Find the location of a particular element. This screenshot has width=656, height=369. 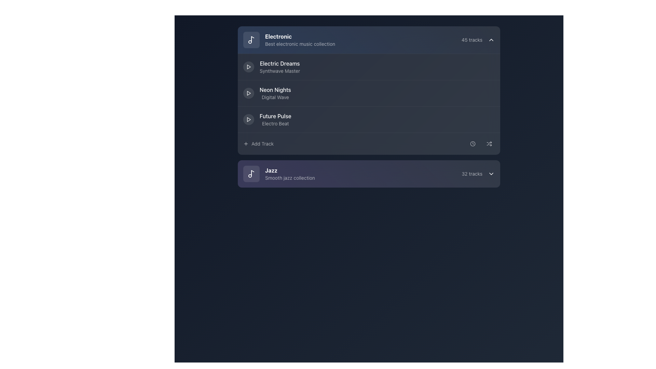

the descriptive Text Label that indicates the collection of 'Electronic' music, positioned directly below the bold 'Electronic' title is located at coordinates (300, 44).